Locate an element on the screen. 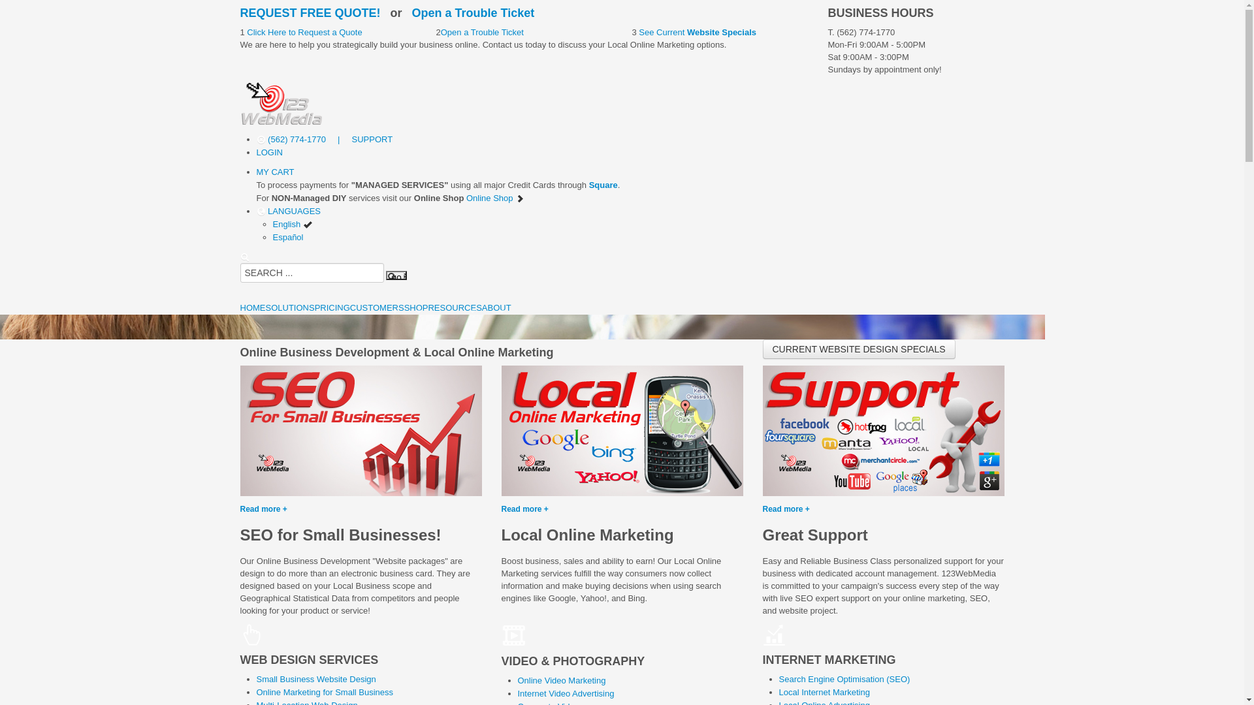  'Search Engine Optimisation (SEO)' is located at coordinates (778, 678).